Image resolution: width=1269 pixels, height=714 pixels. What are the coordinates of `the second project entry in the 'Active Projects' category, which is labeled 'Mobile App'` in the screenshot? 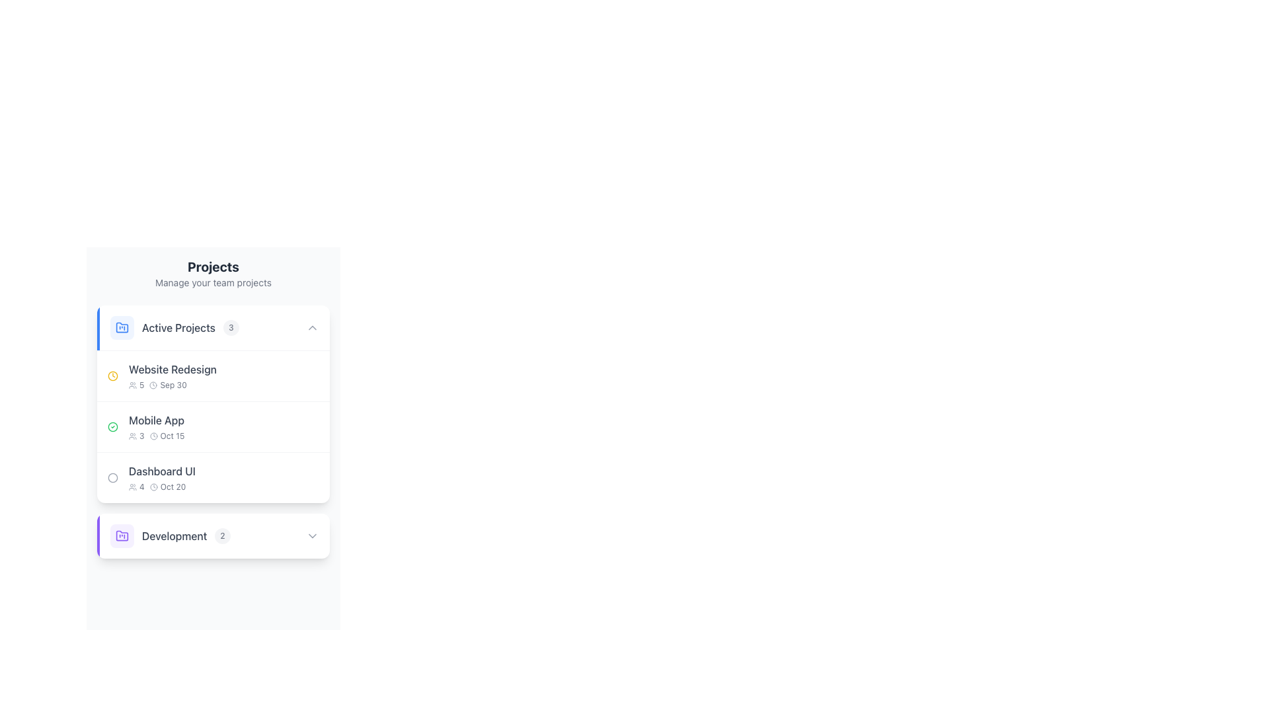 It's located at (146, 426).